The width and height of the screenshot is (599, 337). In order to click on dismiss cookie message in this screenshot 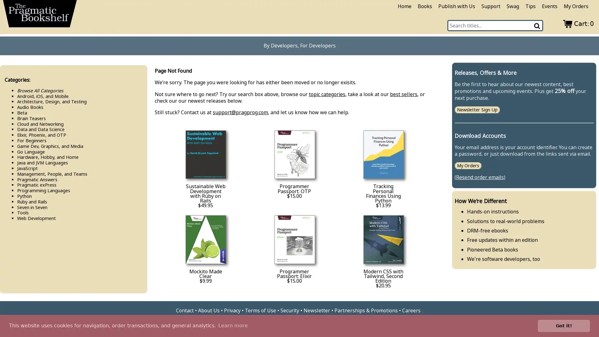, I will do `click(564, 325)`.